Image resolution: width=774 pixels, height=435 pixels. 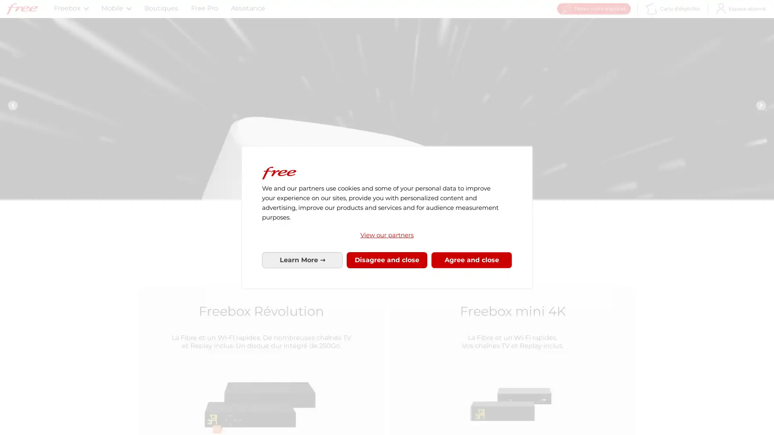 I want to click on Configure your consents, so click(x=302, y=260).